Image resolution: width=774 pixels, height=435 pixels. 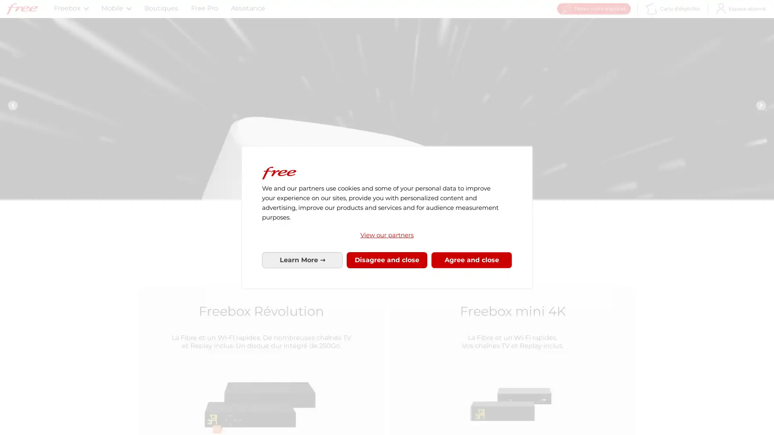 I want to click on Configure your consents, so click(x=302, y=260).